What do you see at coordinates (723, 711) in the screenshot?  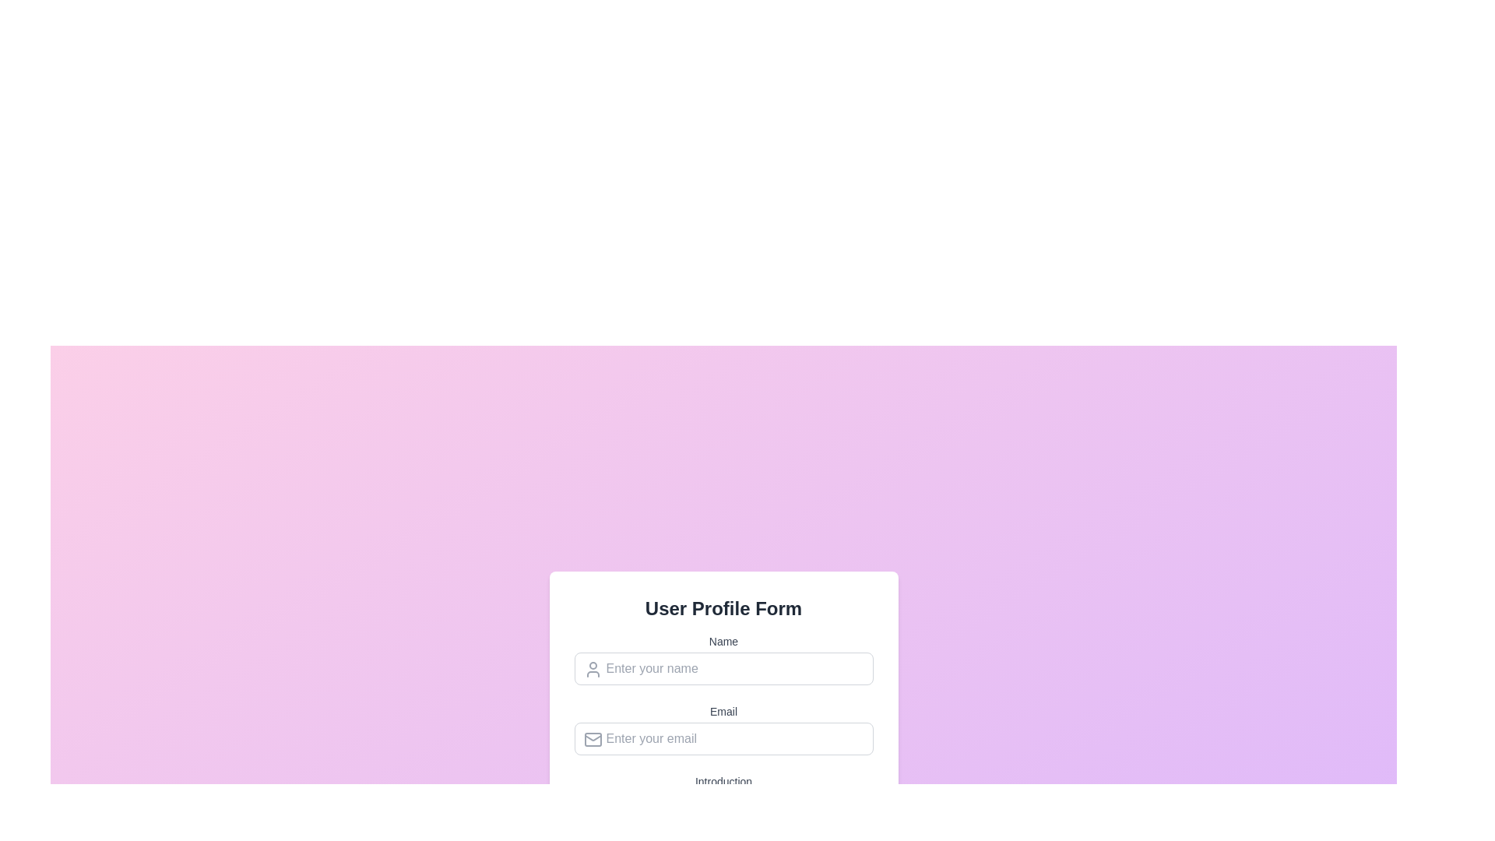 I see `the static label text displaying 'Email'` at bounding box center [723, 711].